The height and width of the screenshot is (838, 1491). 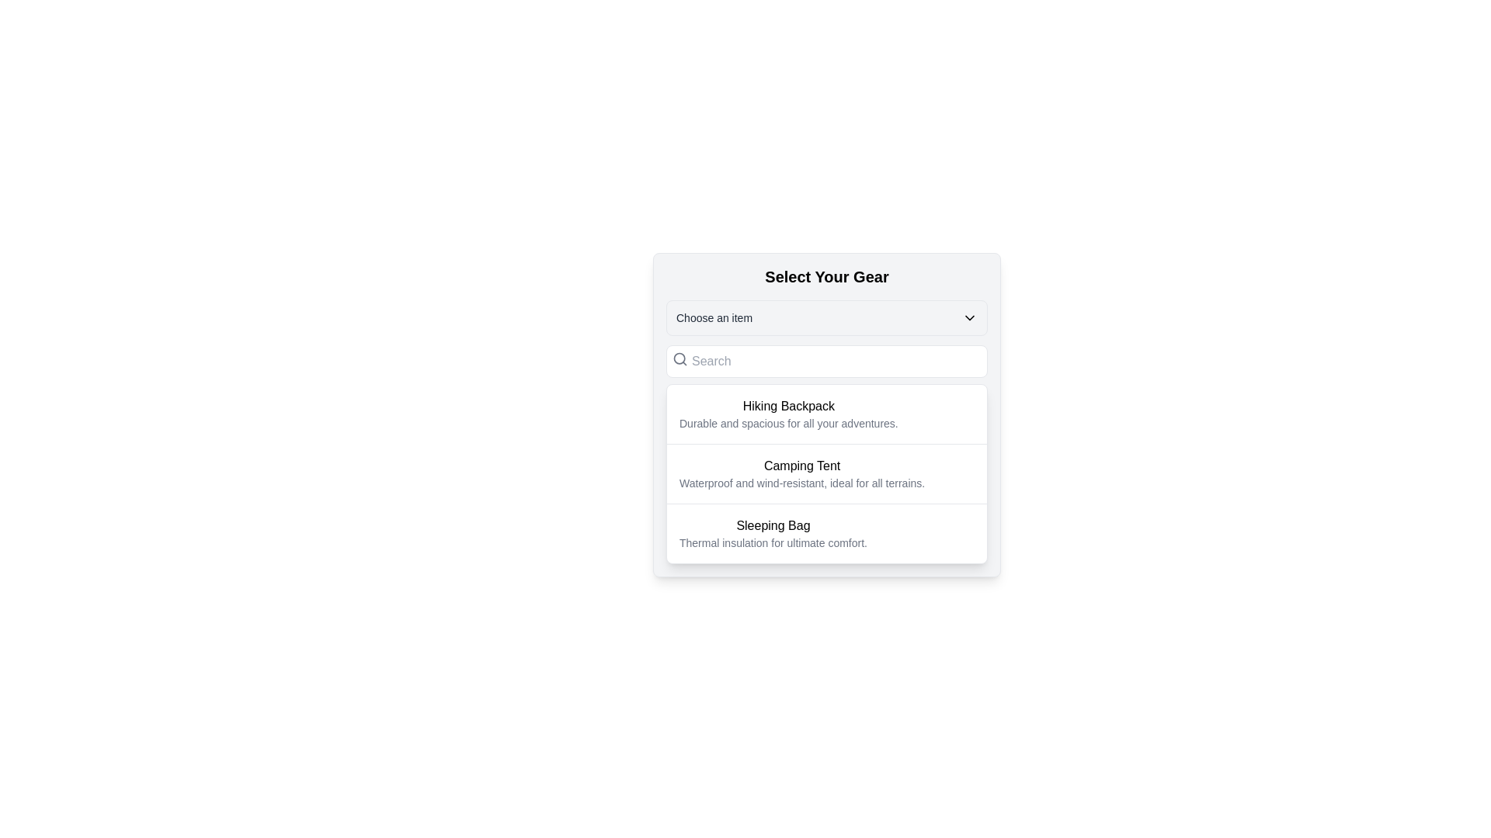 I want to click on the list item displaying 'Hiking Backpack' to change its background color, so click(x=826, y=413).